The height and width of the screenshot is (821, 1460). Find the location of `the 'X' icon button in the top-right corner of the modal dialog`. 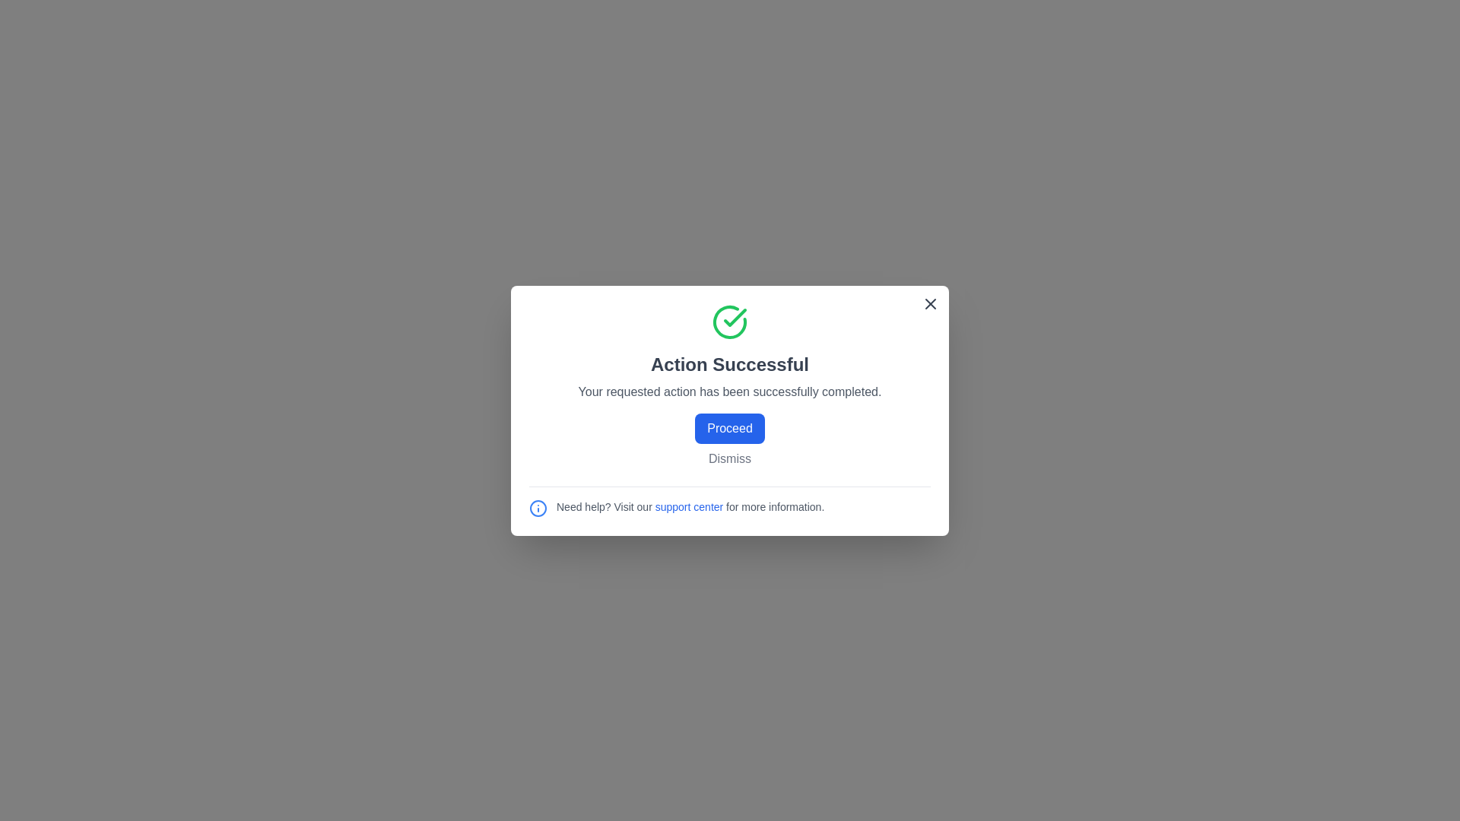

the 'X' icon button in the top-right corner of the modal dialog is located at coordinates (930, 303).